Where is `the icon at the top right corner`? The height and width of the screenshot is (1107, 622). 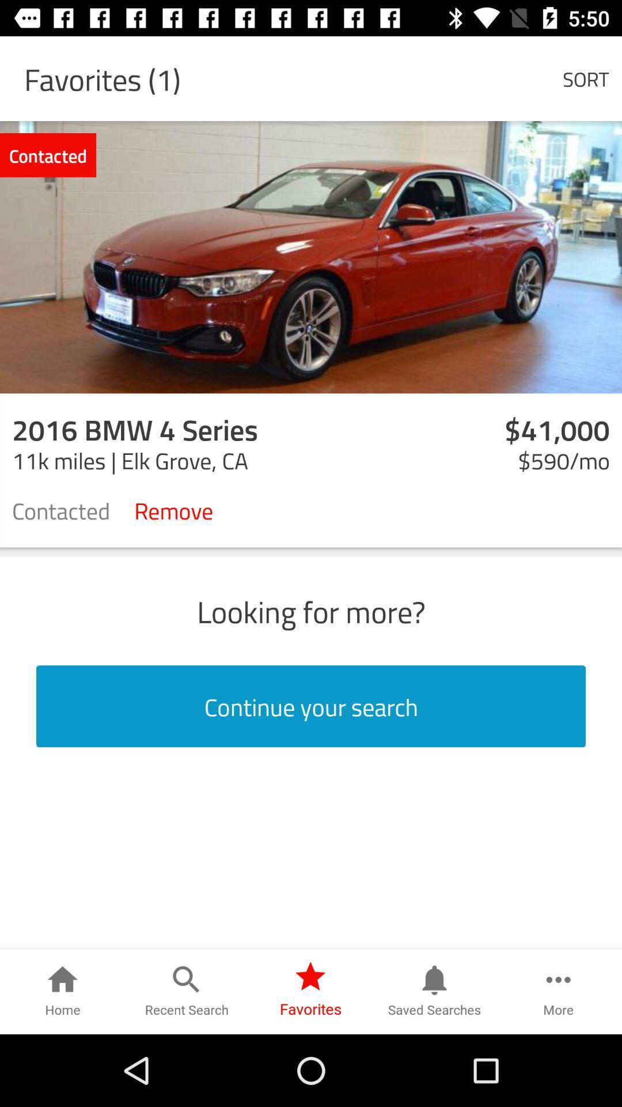
the icon at the top right corner is located at coordinates (586, 78).